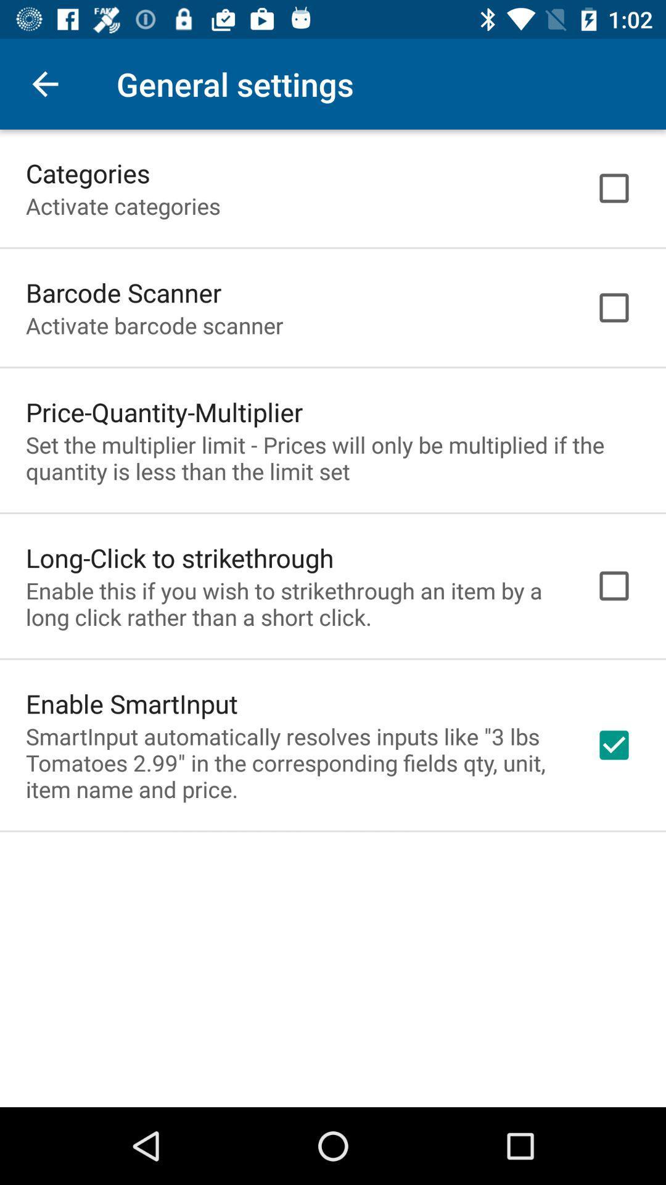 This screenshot has width=666, height=1185. What do you see at coordinates (44, 83) in the screenshot?
I see `icon to the left of the general settings` at bounding box center [44, 83].